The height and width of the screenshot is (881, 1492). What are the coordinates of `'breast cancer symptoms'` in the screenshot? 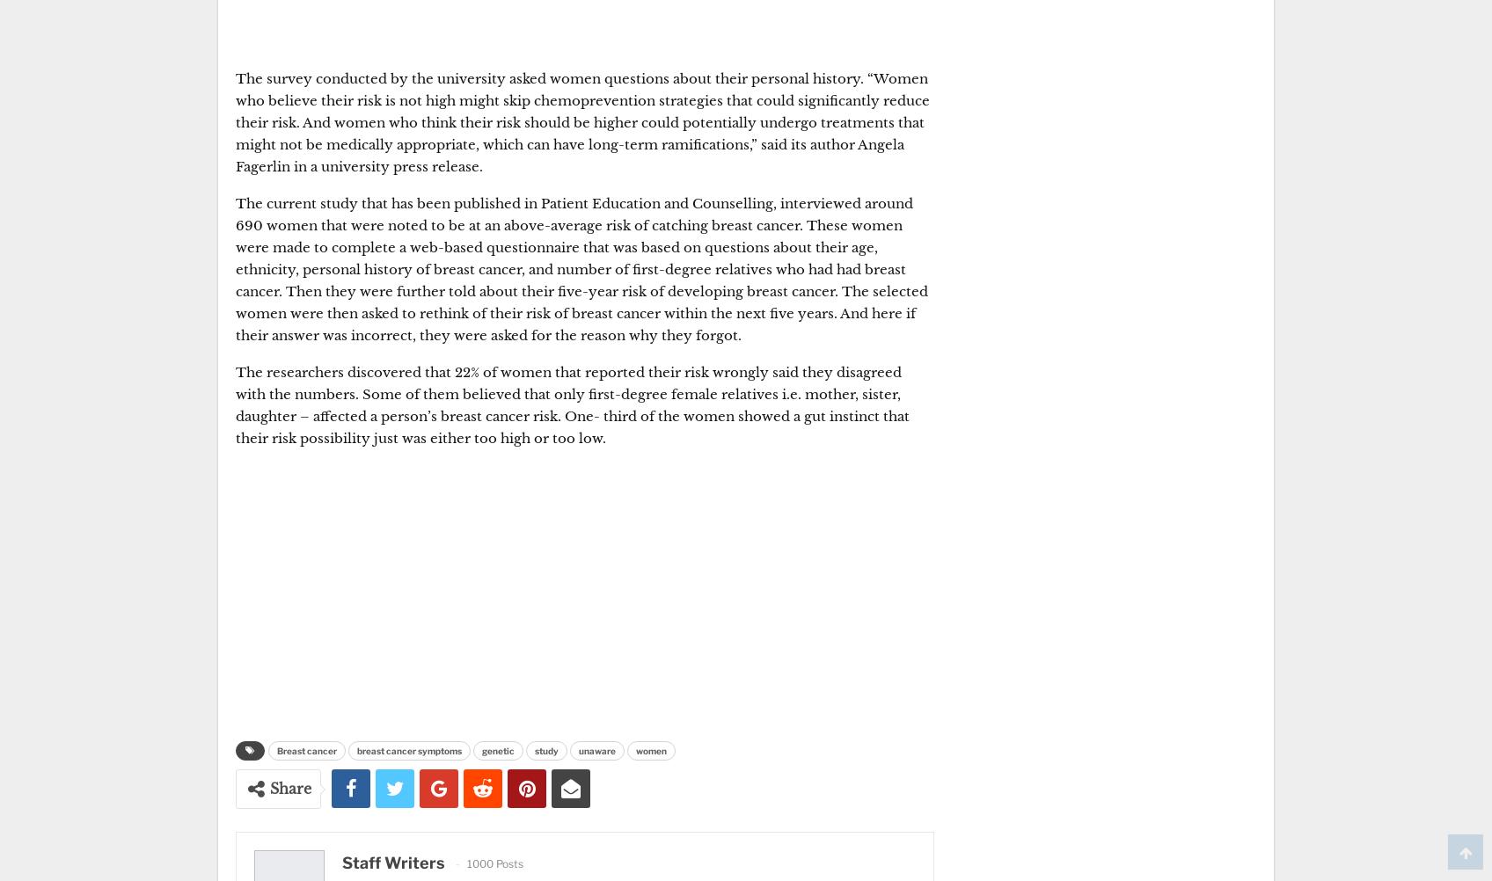 It's located at (409, 751).